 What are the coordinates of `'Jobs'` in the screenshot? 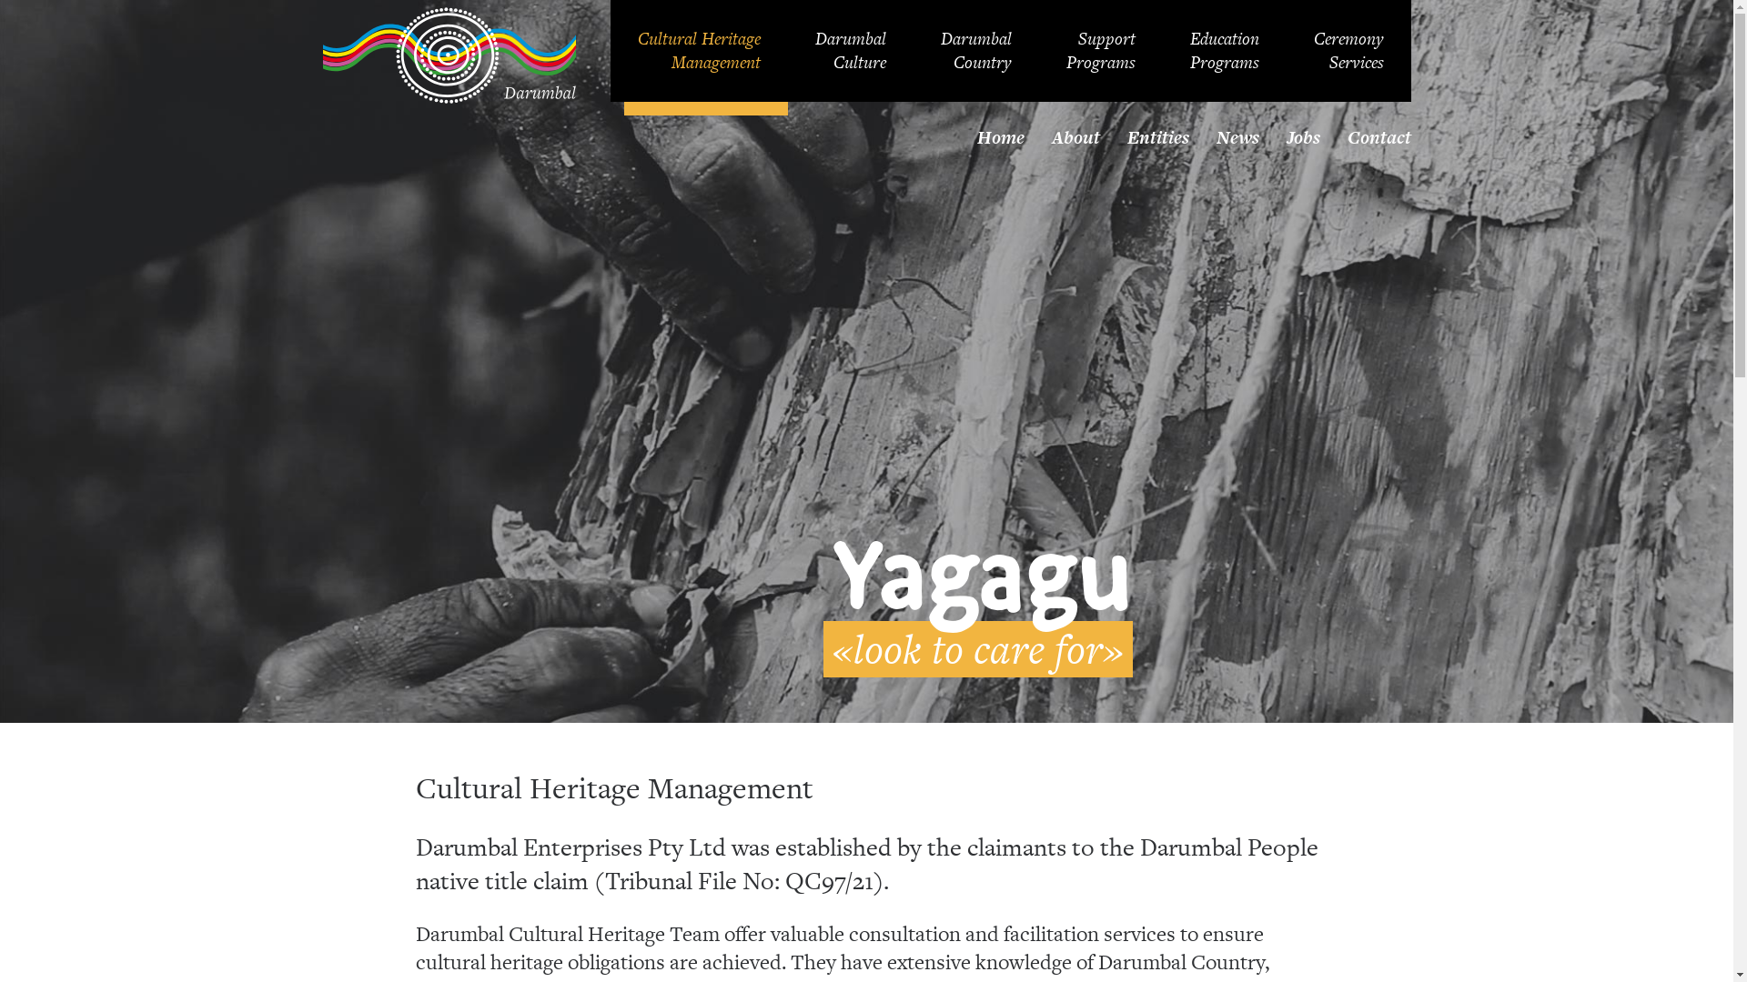 It's located at (1301, 136).